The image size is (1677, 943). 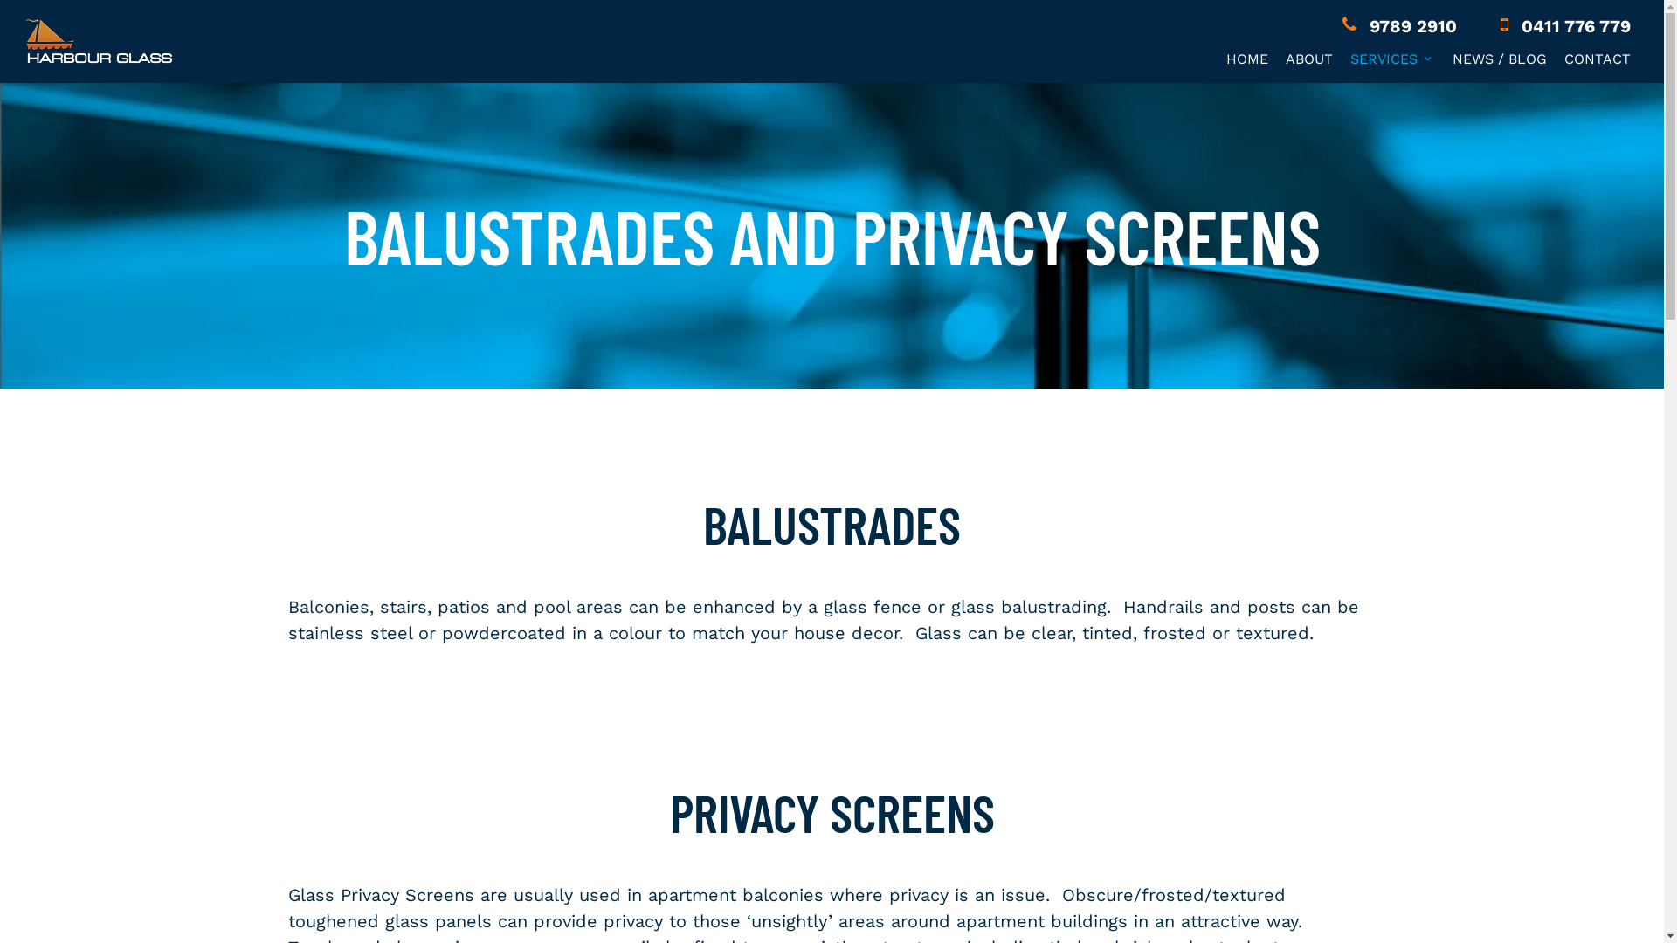 What do you see at coordinates (1341, 57) in the screenshot?
I see `'SERVICES'` at bounding box center [1341, 57].